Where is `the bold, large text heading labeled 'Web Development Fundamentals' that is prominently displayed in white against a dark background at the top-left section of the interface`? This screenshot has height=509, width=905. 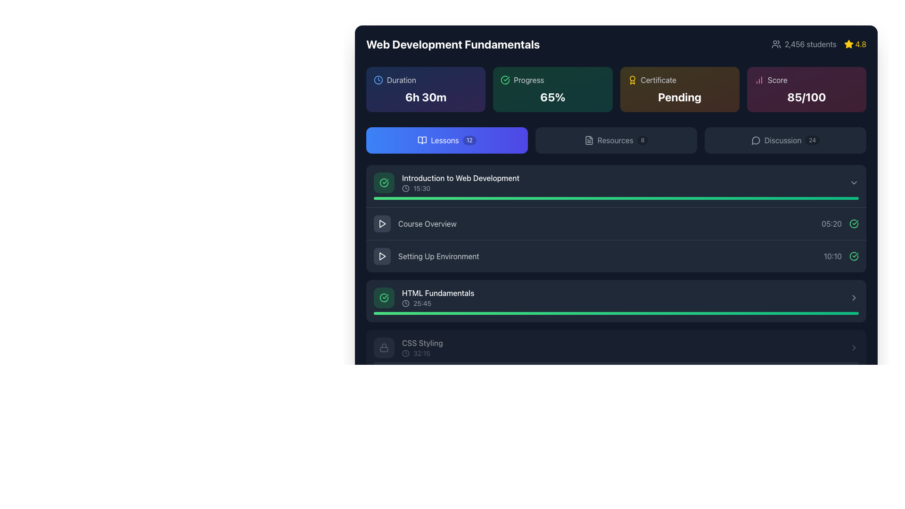 the bold, large text heading labeled 'Web Development Fundamentals' that is prominently displayed in white against a dark background at the top-left section of the interface is located at coordinates (453, 44).